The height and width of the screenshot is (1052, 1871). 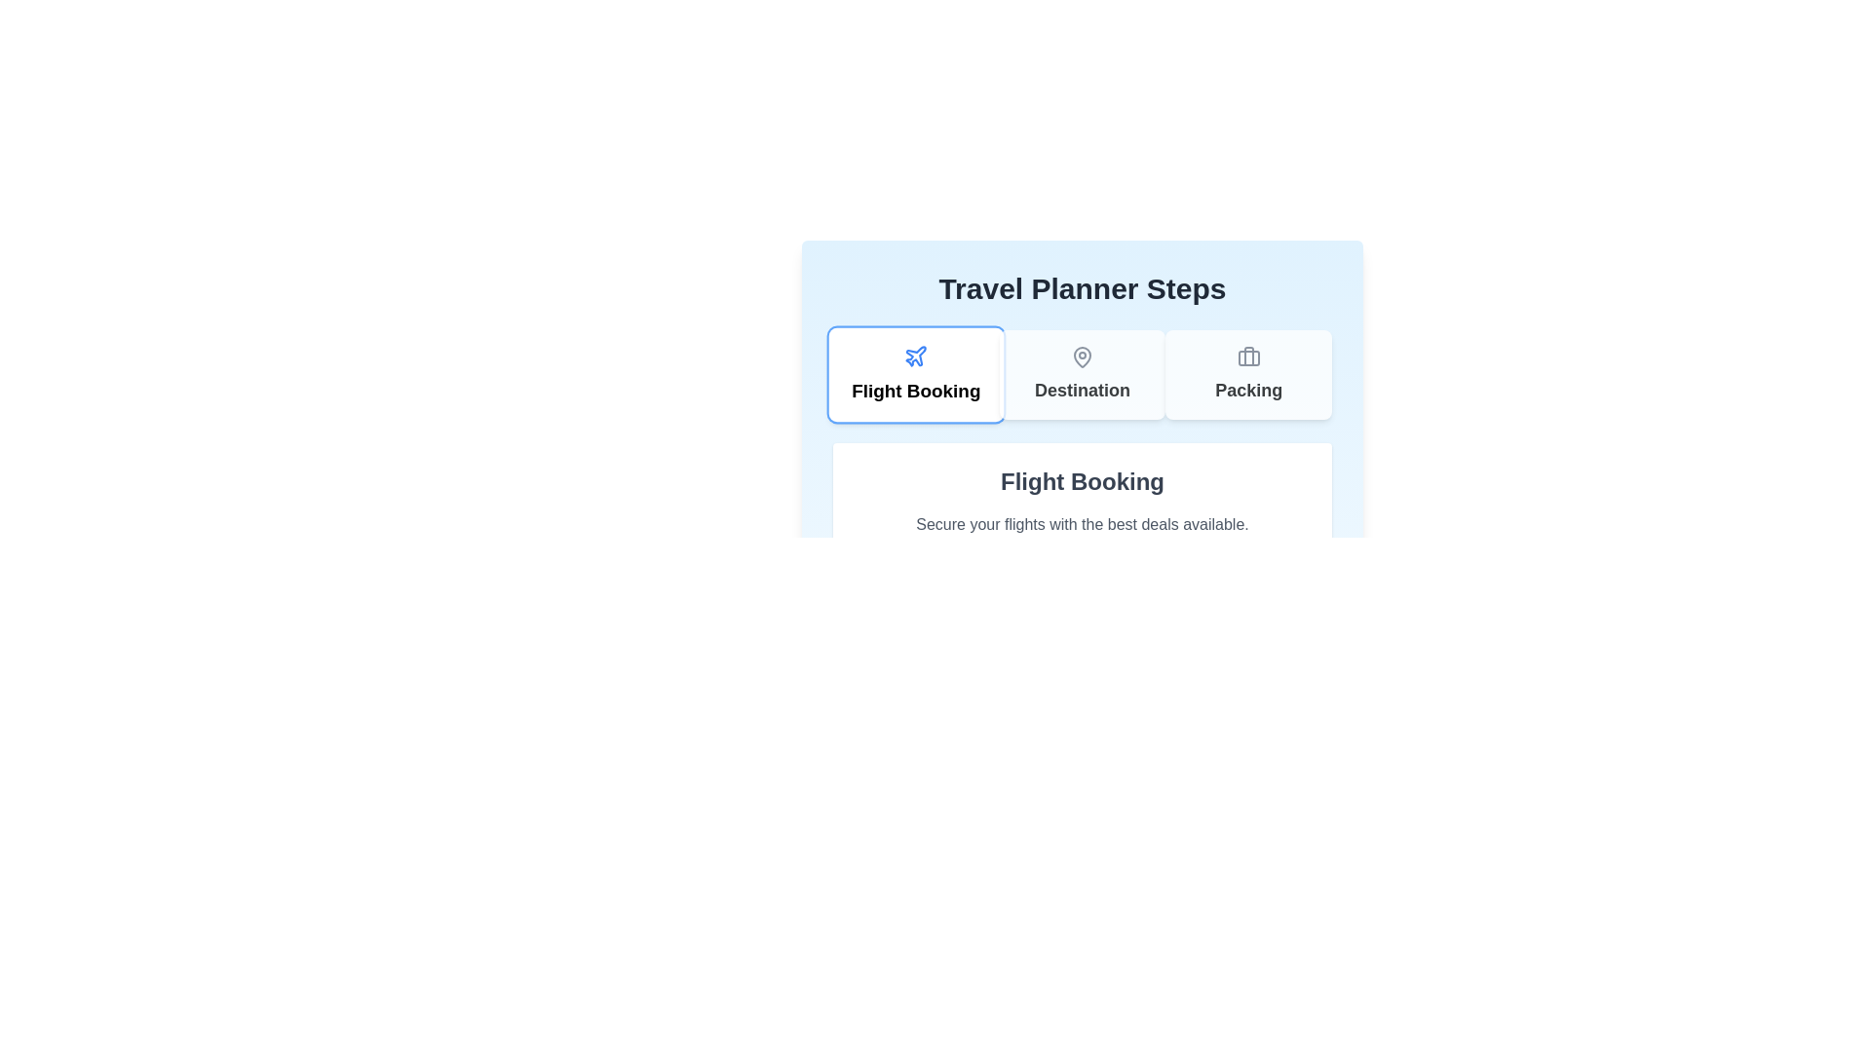 What do you see at coordinates (1248, 357) in the screenshot?
I see `the gray SVG graphic of a briefcase located in the third card labeled 'Packing' within the 'Travel Planner Steps' section` at bounding box center [1248, 357].